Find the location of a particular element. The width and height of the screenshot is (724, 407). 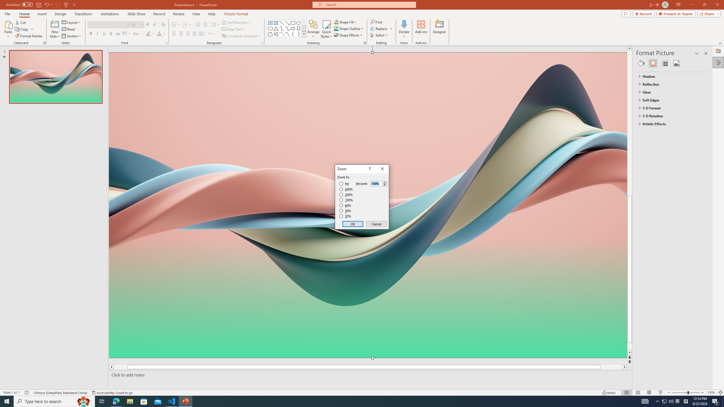

'Class: NetUIGalleryContainer' is located at coordinates (672, 63).